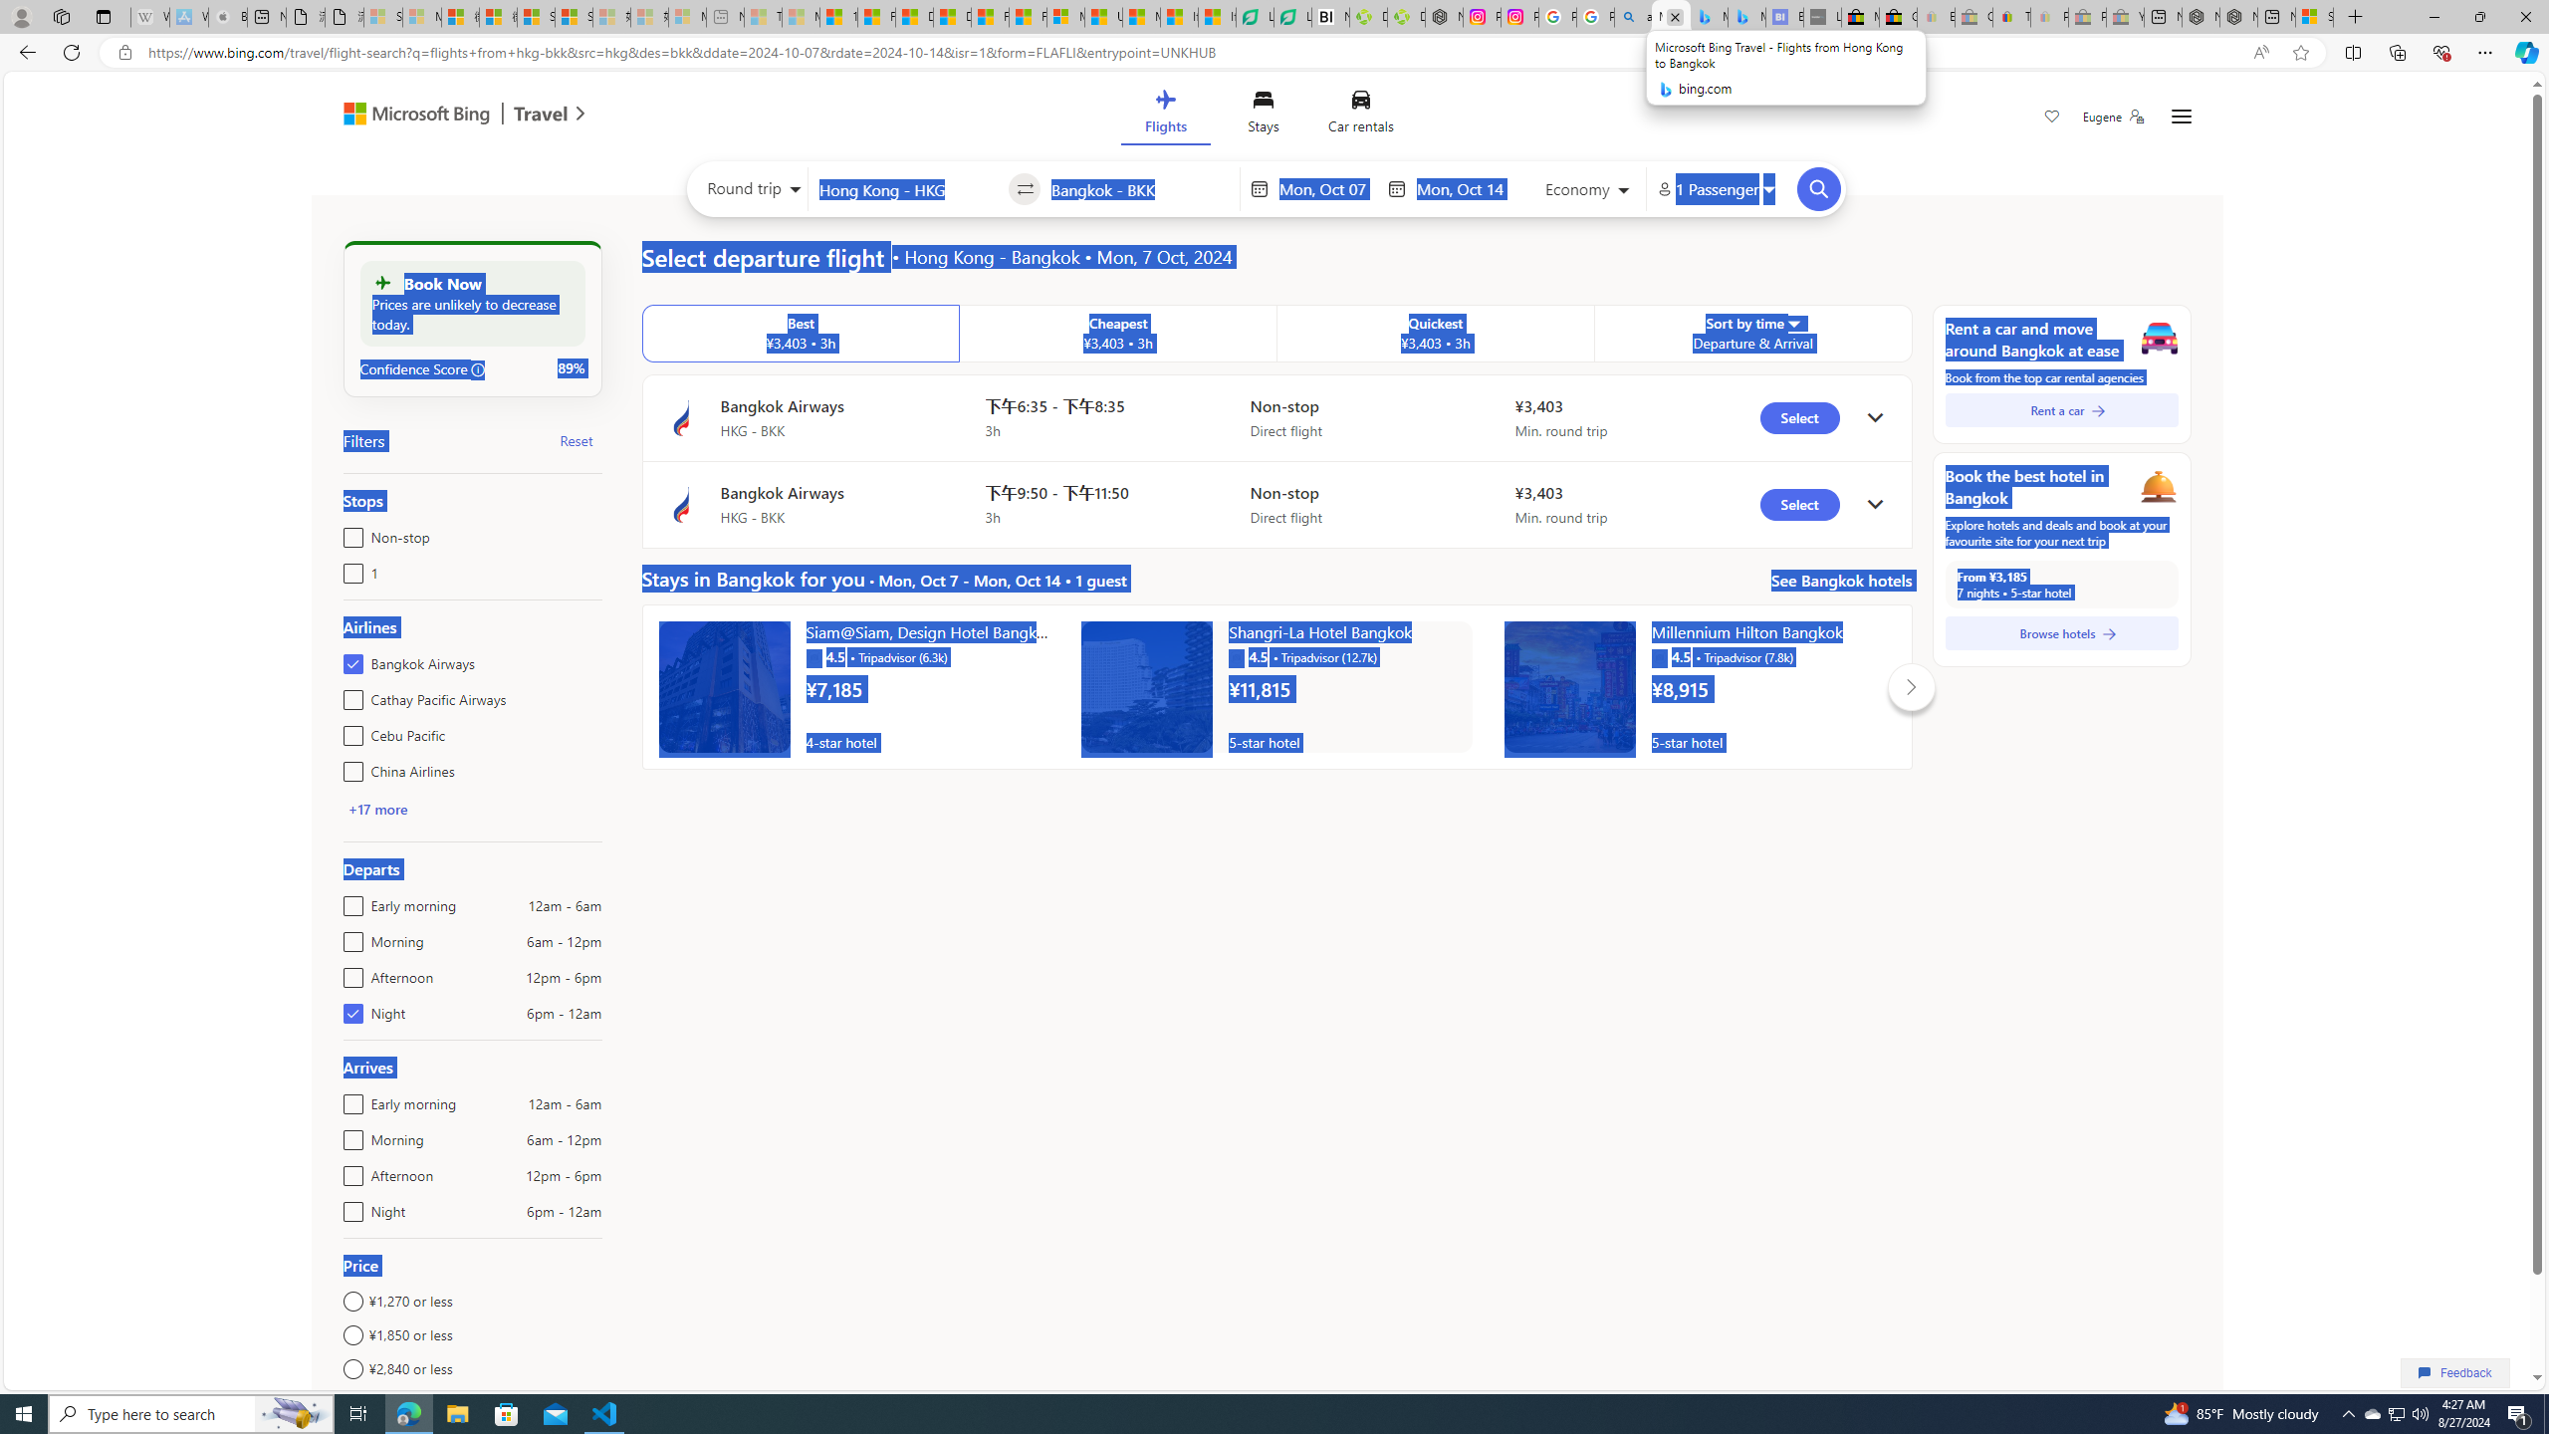 This screenshot has width=2549, height=1434. What do you see at coordinates (2061, 408) in the screenshot?
I see `'Rent a car'` at bounding box center [2061, 408].